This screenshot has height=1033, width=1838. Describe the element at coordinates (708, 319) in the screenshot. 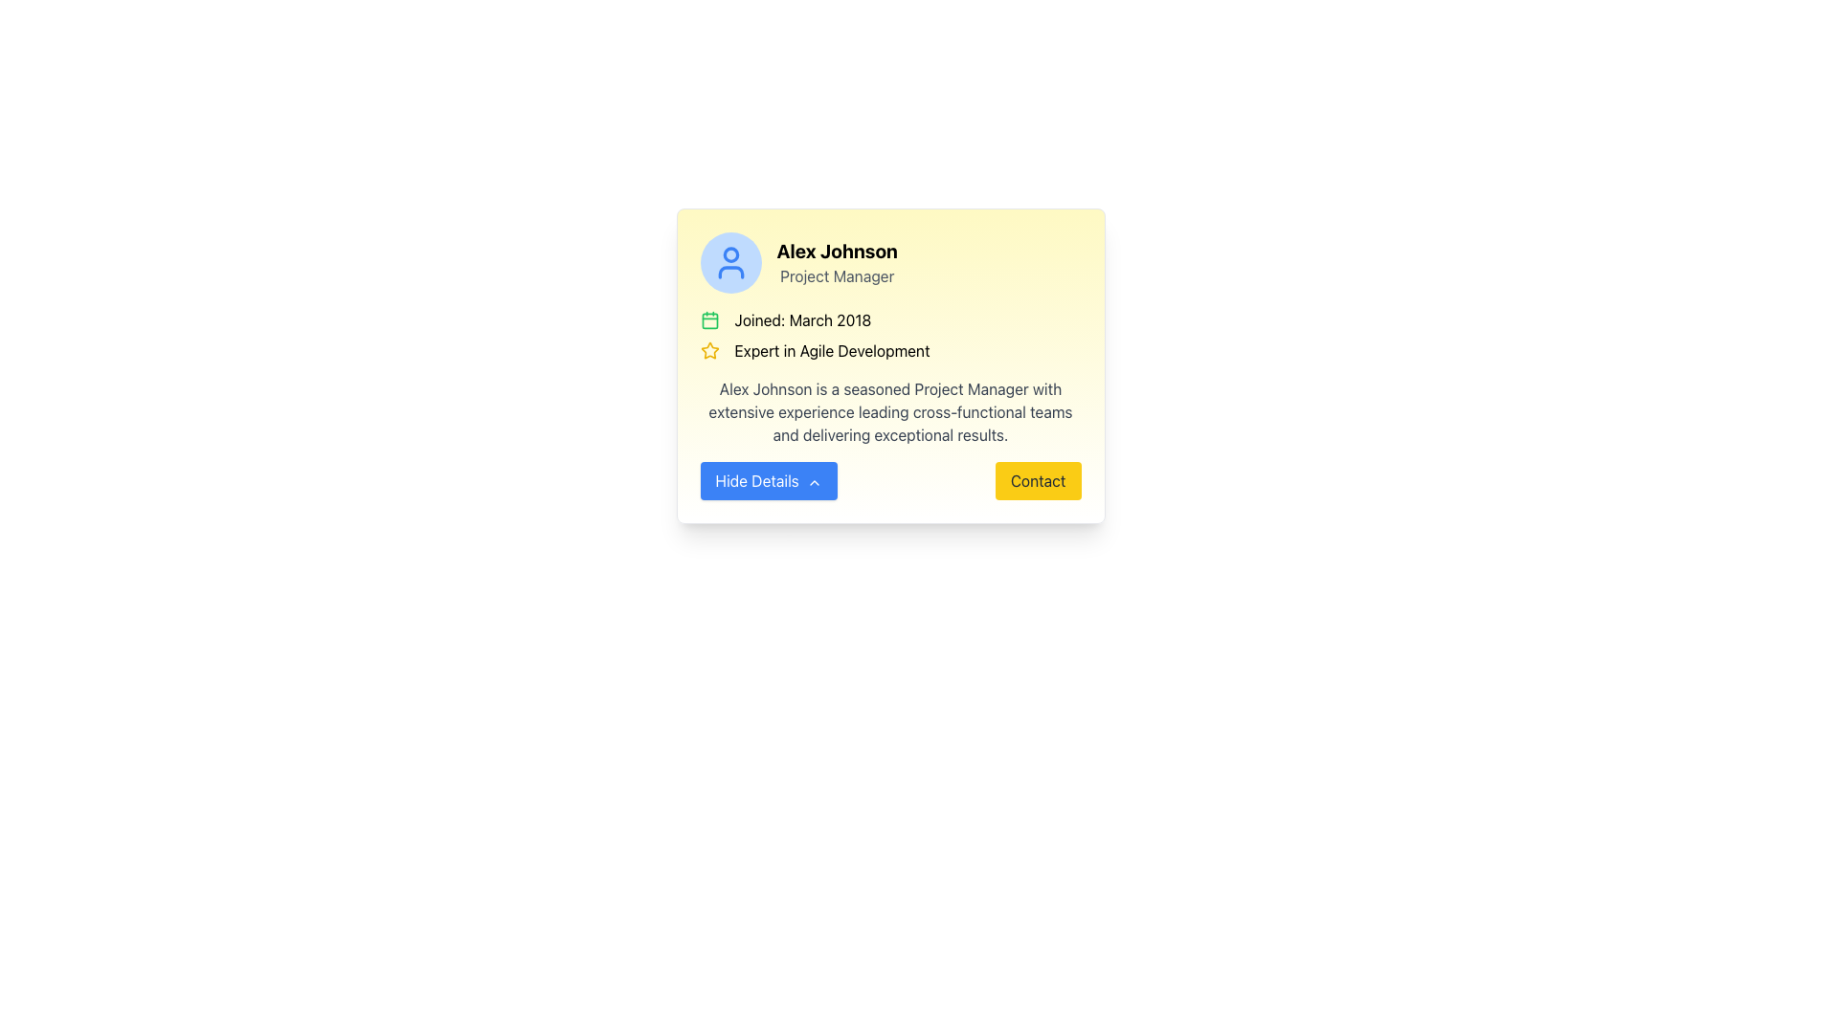

I see `the non-interactive calendar icon located to the left of the 'Joined: March 2018' text` at that location.